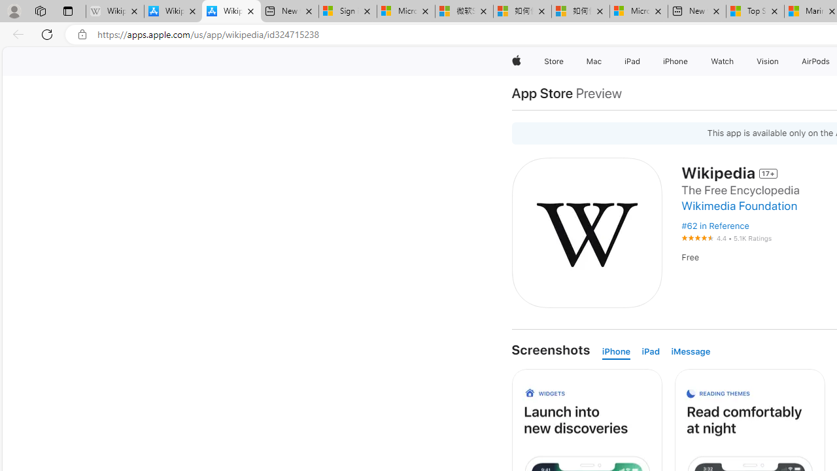 This screenshot has width=837, height=471. I want to click on 'Class: globalnav-submenu-trigger-item', so click(781, 61).